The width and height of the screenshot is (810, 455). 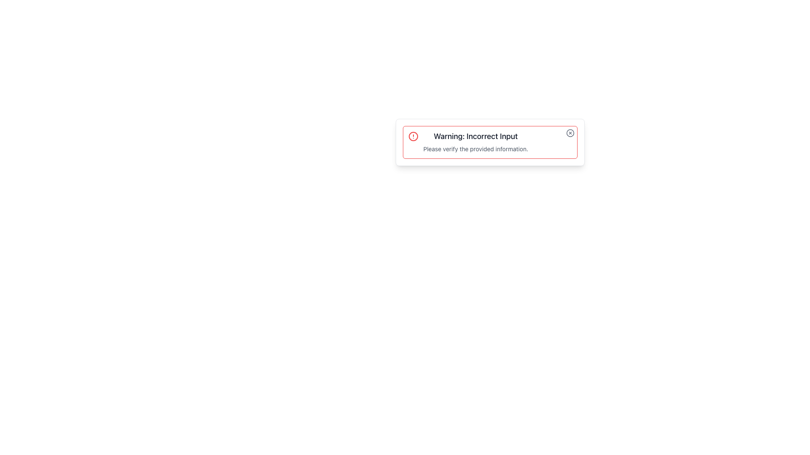 I want to click on warning message displayed in the double-line text block that states 'Warning: Incorrect Input' and 'Please verify the provided information.', so click(x=475, y=142).